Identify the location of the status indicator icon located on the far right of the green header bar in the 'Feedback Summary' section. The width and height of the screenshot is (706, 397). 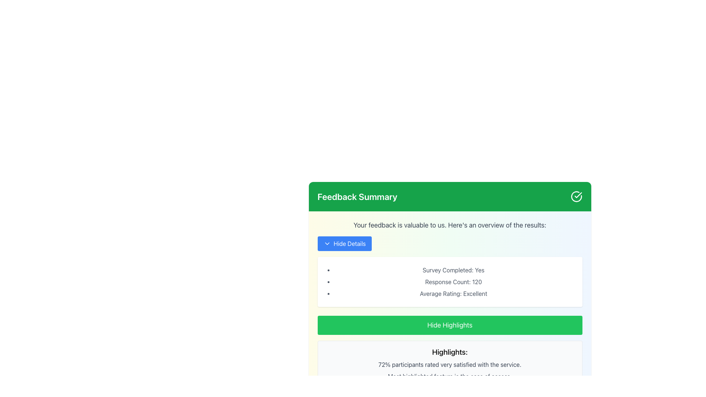
(576, 196).